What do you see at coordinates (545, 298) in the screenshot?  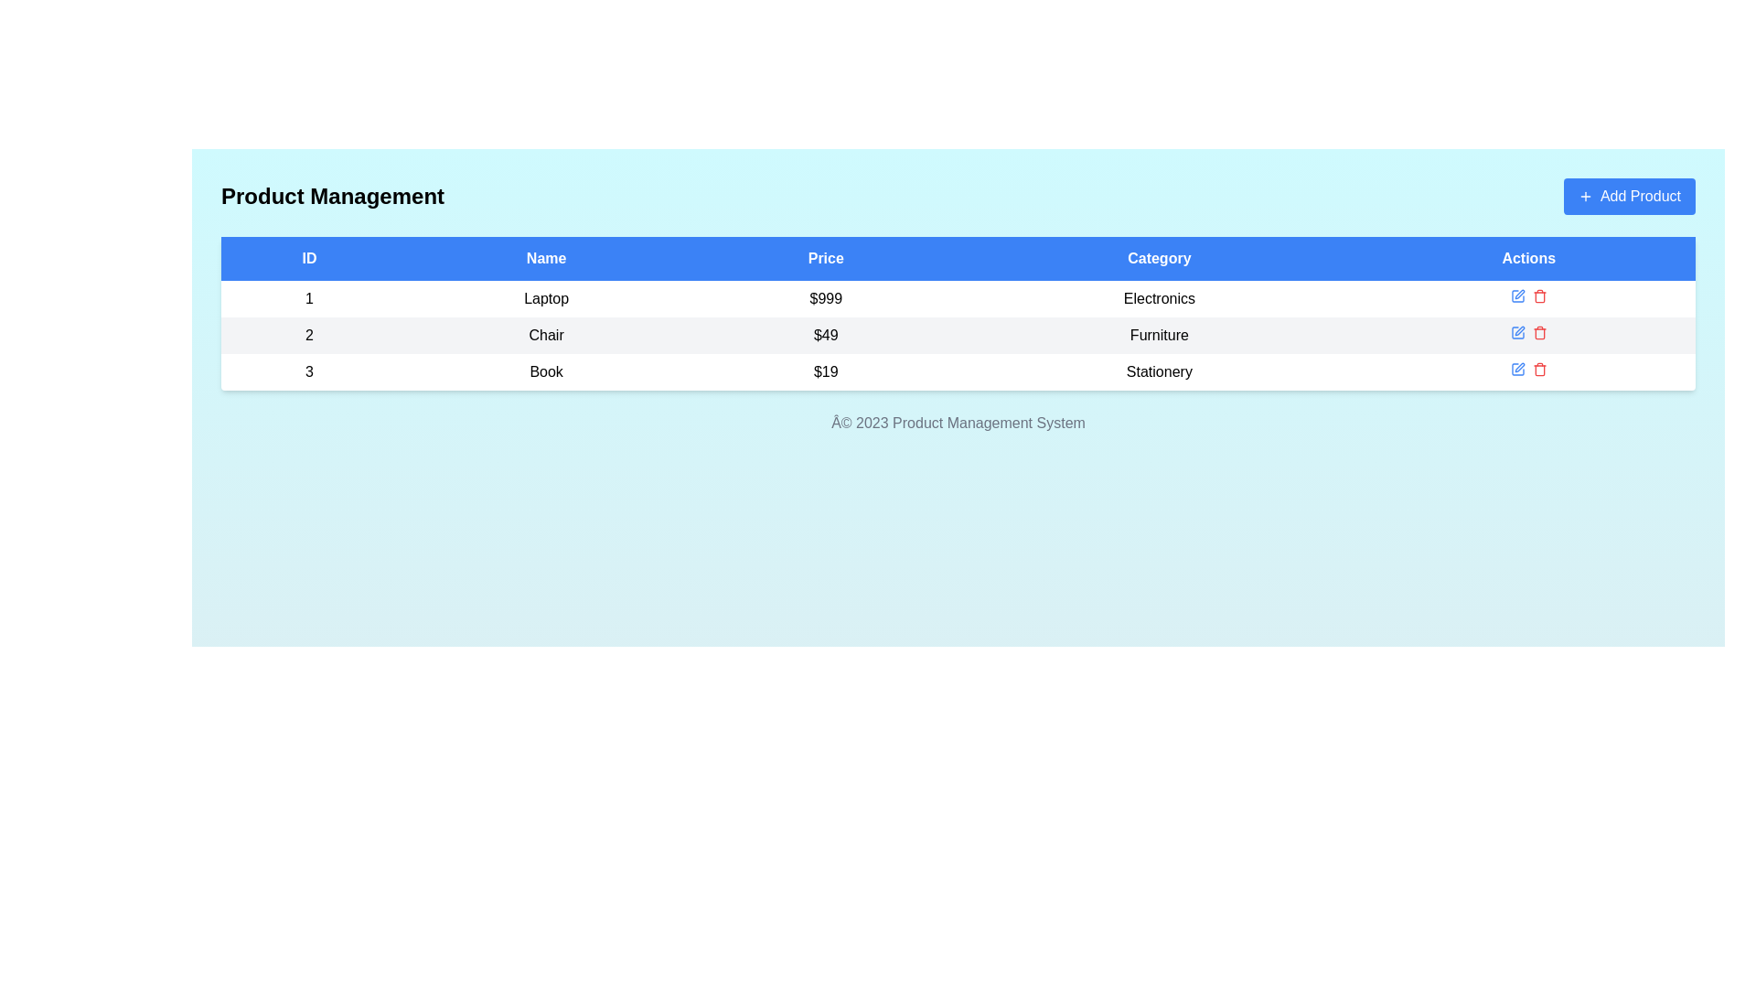 I see `the 'Laptop' text label located in the first row of the table under the 'Name' column, positioned between the '1' in the 'ID' column and '$999' in the 'Price' column` at bounding box center [545, 298].